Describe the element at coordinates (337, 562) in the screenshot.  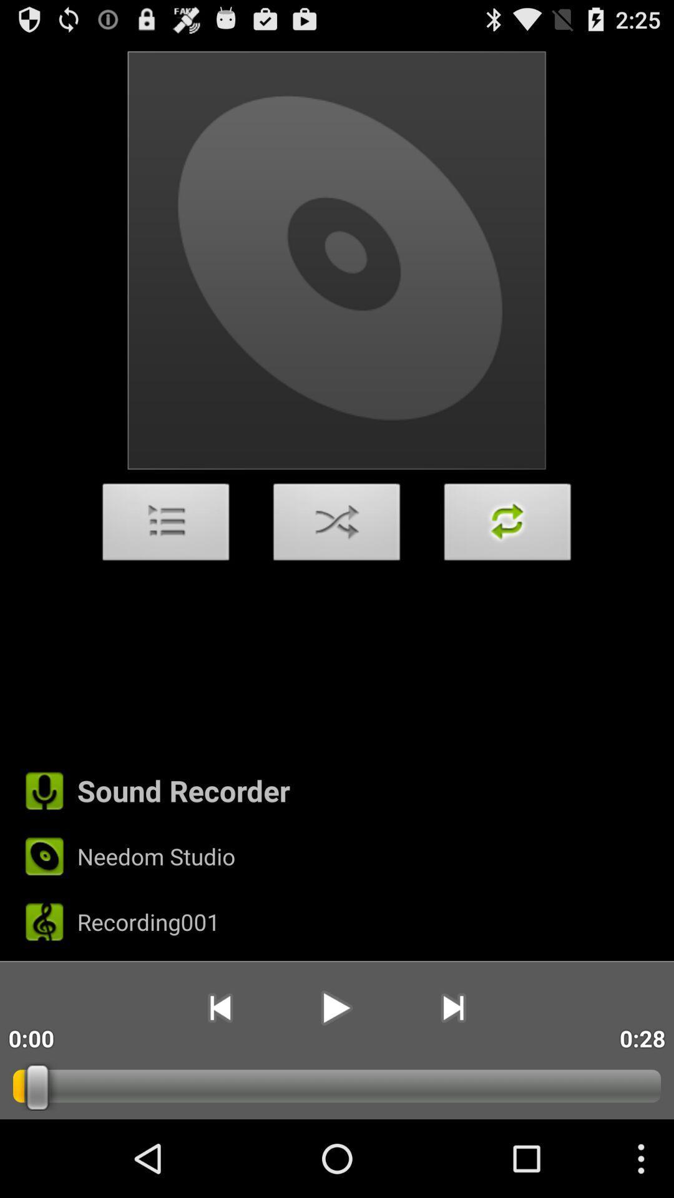
I see `the close icon` at that location.